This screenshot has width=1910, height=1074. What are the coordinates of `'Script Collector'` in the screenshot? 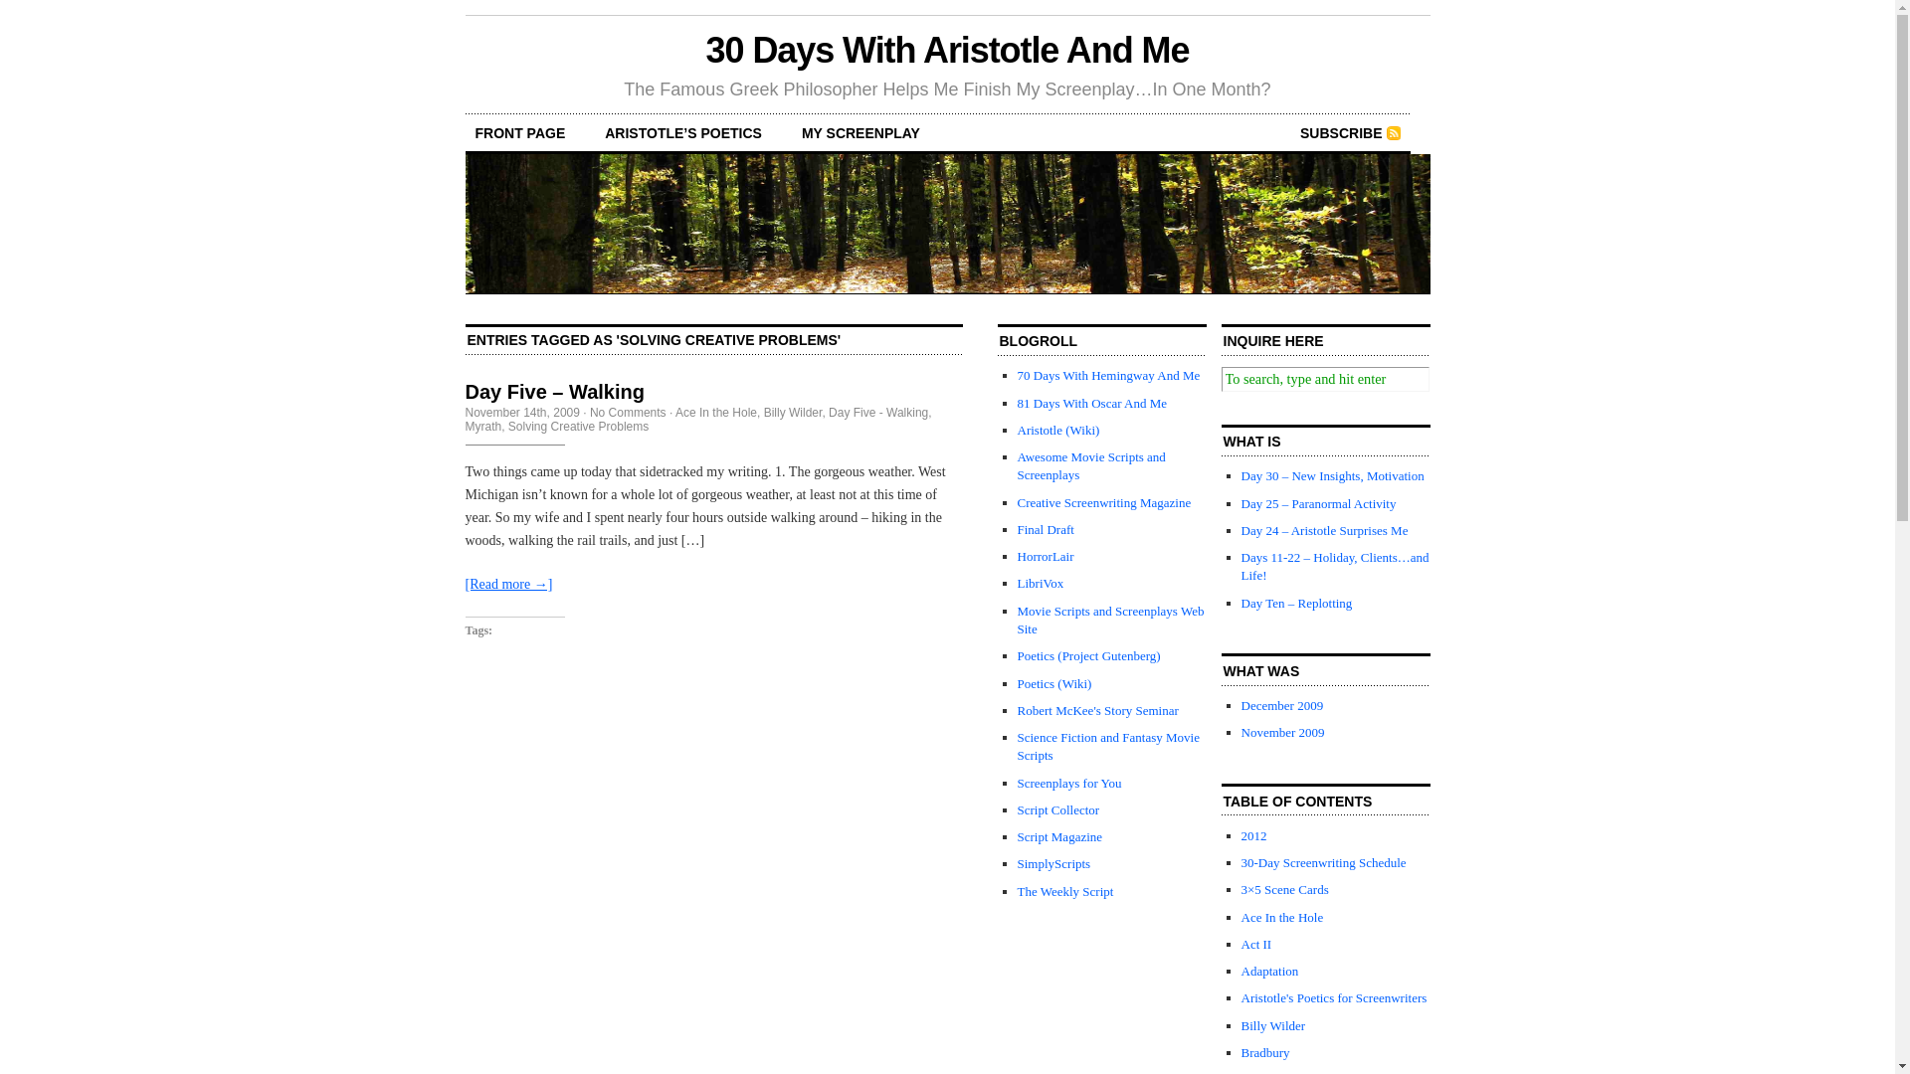 It's located at (1017, 809).